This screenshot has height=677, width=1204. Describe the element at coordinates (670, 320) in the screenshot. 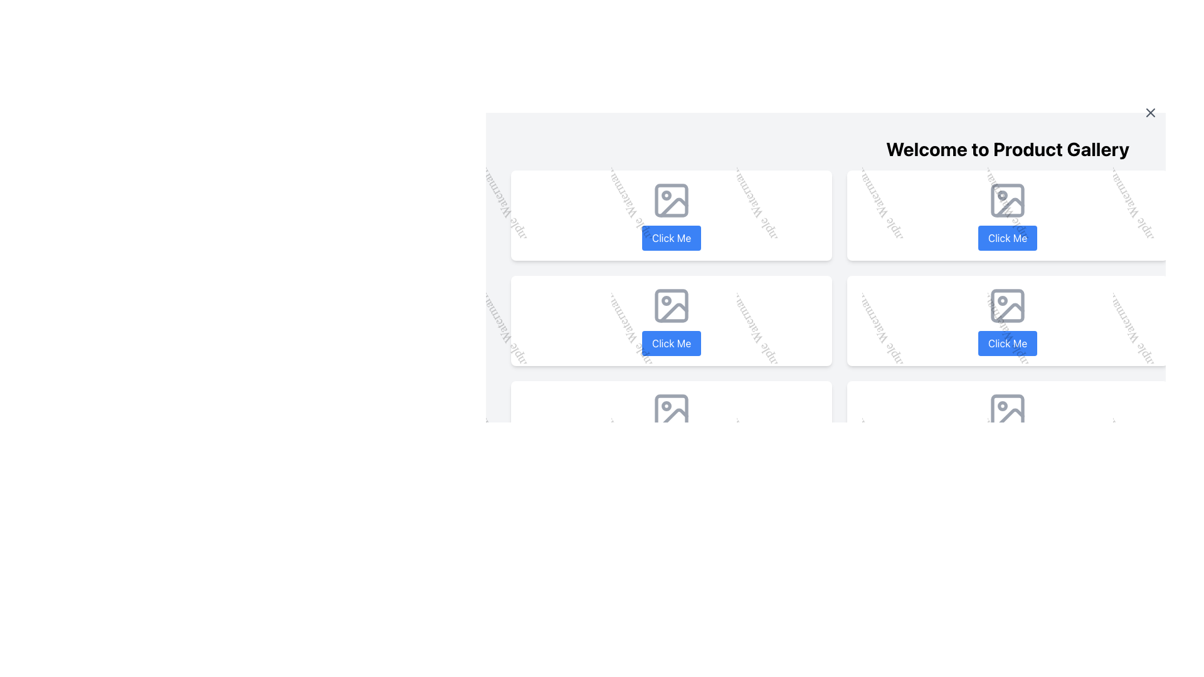

I see `the blue, rounded button labeled 'Click Me' located on the fourth card in the grid layout, which is positioned in the second row and first column` at that location.